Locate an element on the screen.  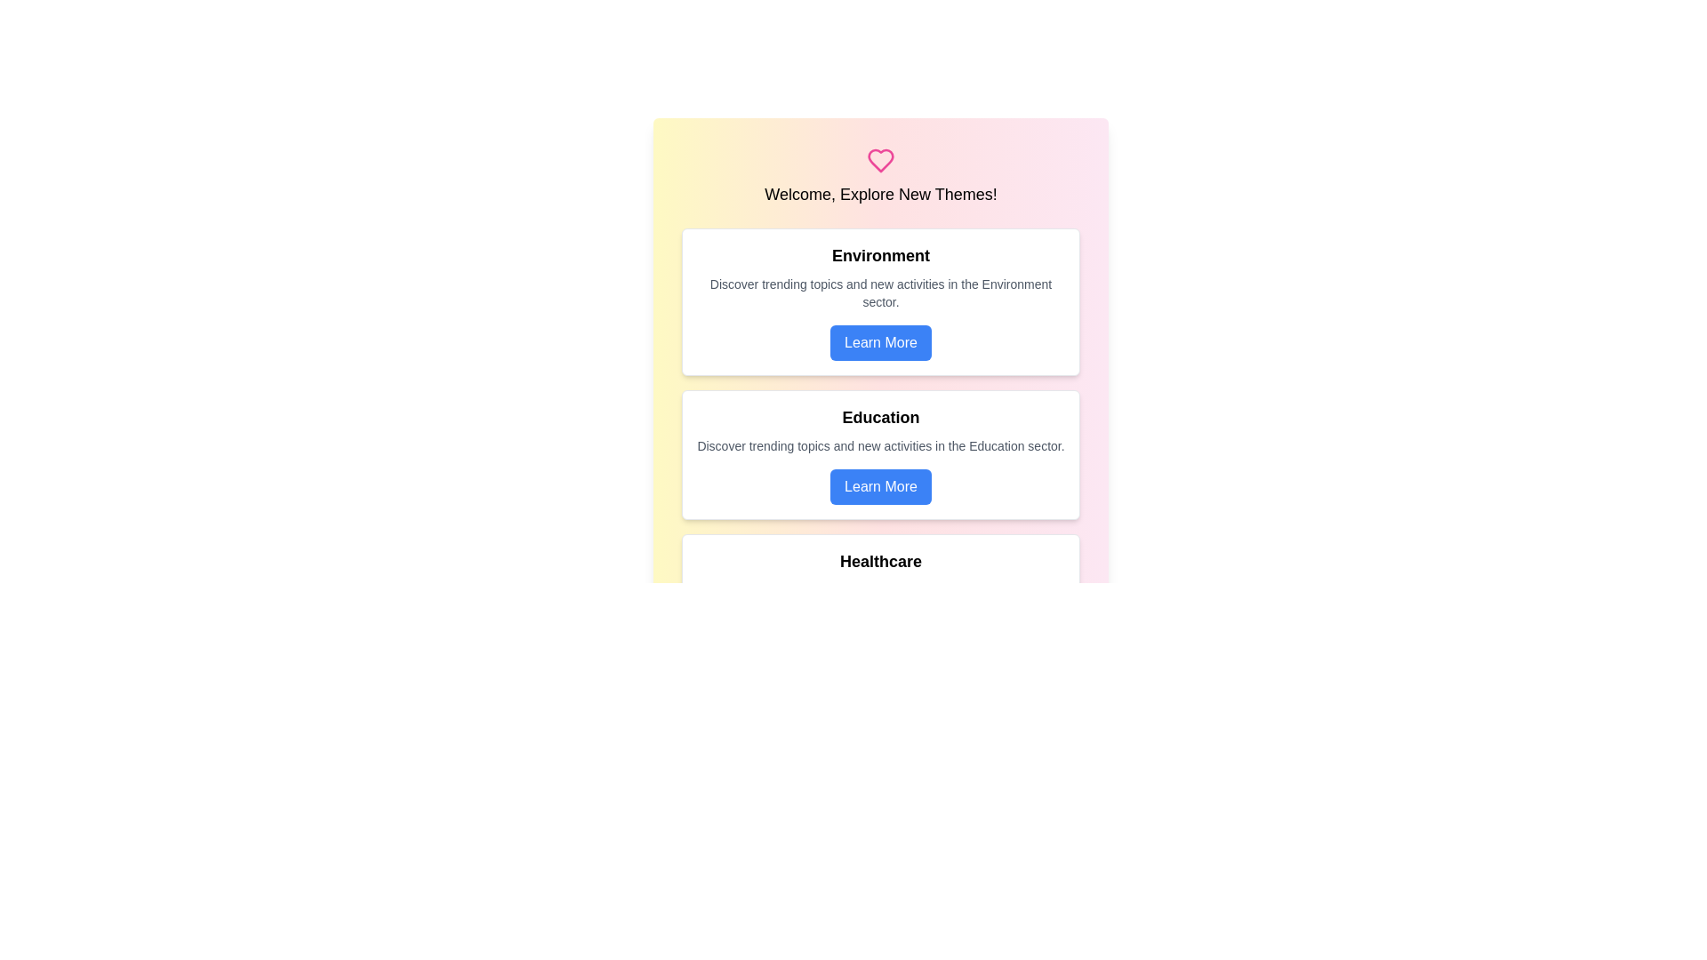
the decorative pink heart icon in the header that displays the message 'Welcome, Explore New Themes!' is located at coordinates (880, 177).